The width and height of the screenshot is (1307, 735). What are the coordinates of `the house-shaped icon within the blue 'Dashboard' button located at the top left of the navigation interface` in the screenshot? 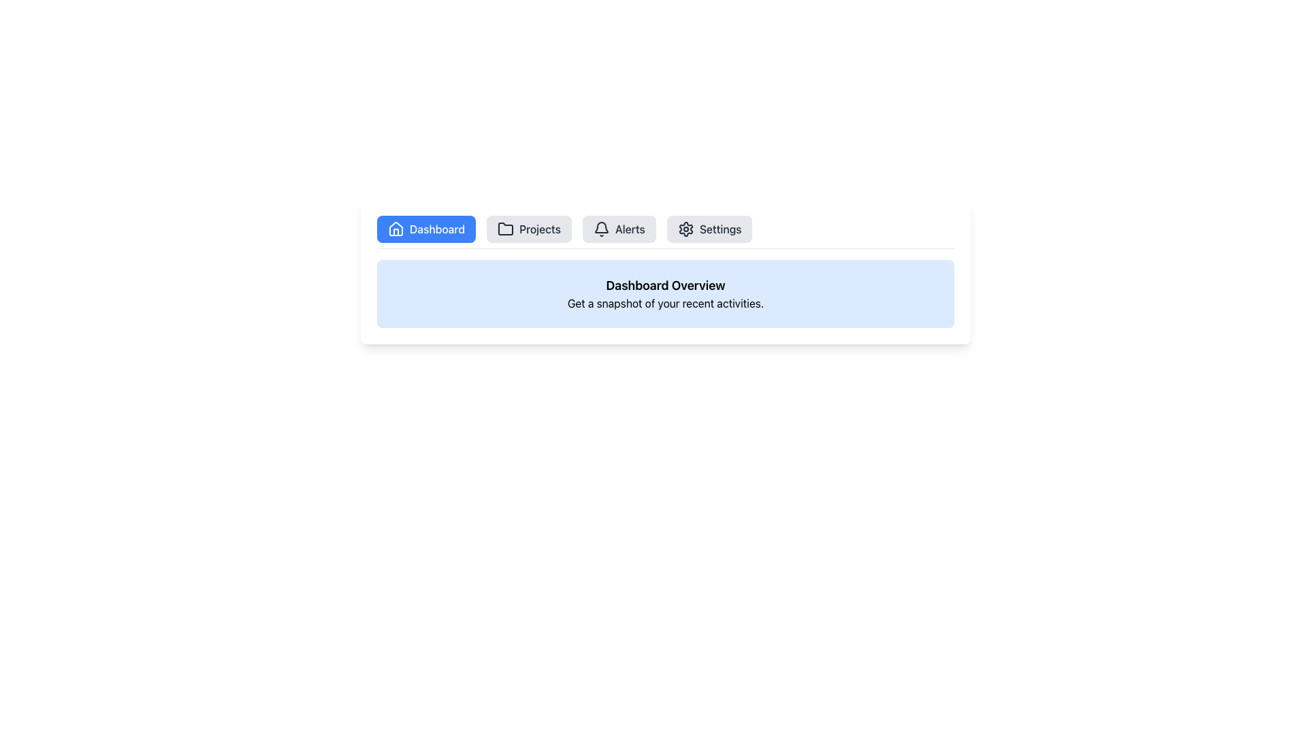 It's located at (395, 228).